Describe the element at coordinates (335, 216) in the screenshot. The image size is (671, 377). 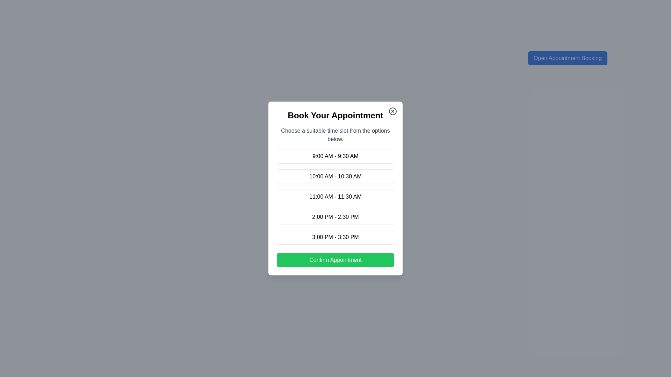
I see `the text label indicating the time slot from 2:00 PM to 2:30 PM within the selectable box in the modal dialog` at that location.